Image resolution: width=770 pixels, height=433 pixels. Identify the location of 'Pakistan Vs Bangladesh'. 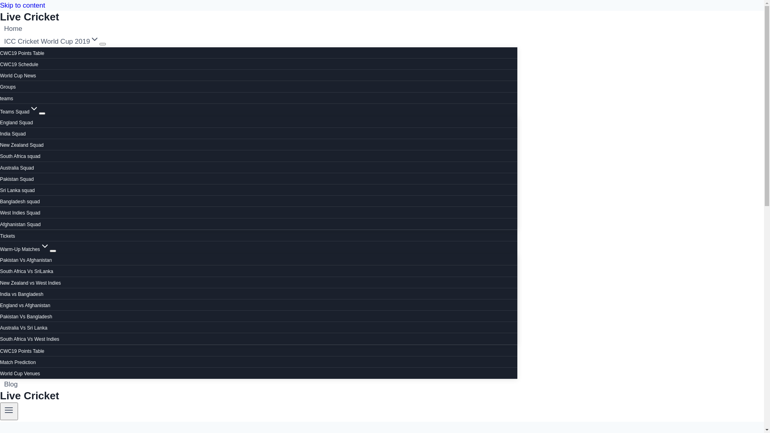
(26, 316).